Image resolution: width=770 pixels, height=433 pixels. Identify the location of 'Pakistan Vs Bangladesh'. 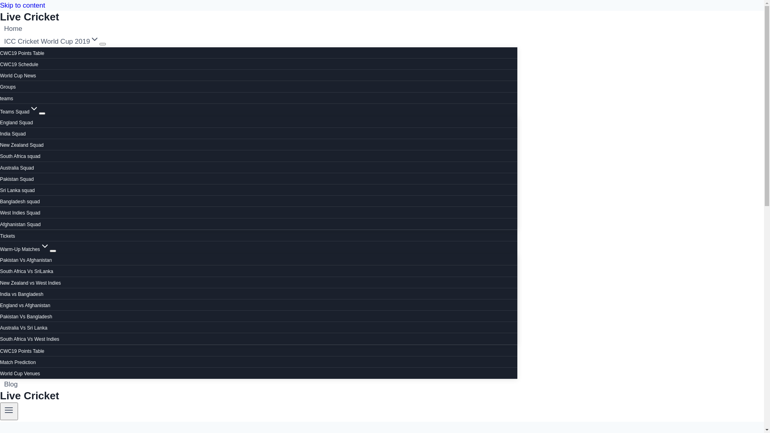
(26, 316).